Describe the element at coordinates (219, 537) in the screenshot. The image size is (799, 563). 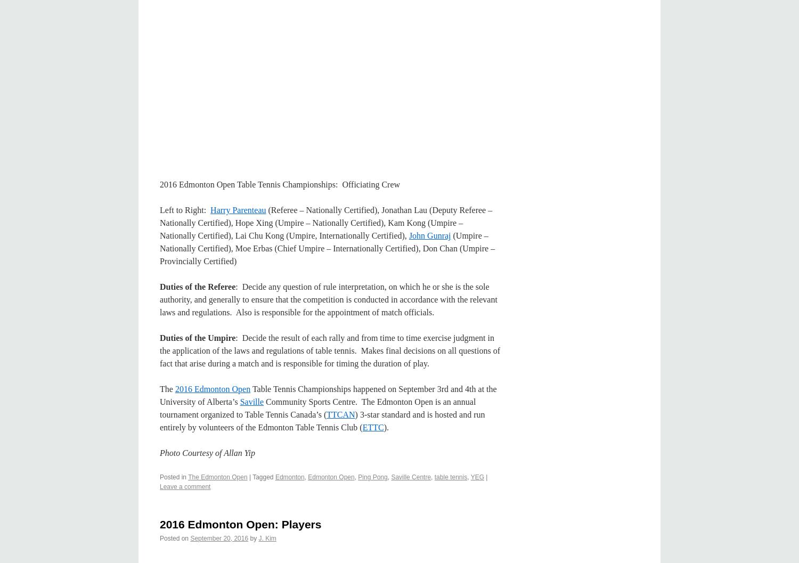
I see `'September 20, 2016'` at that location.